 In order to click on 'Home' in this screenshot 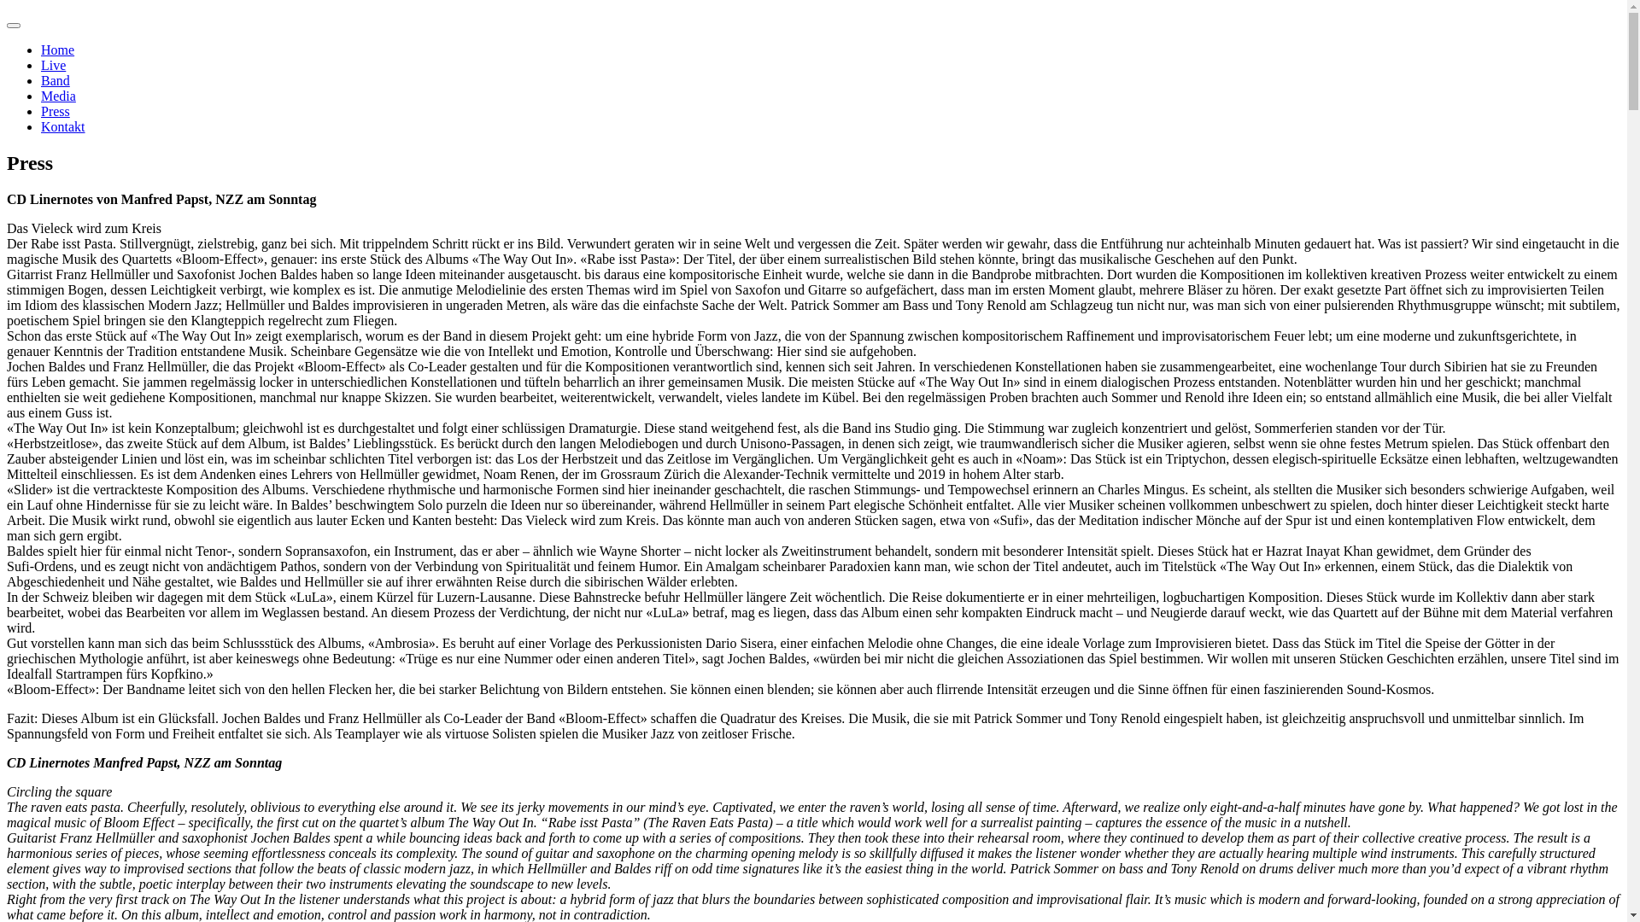, I will do `click(57, 49)`.